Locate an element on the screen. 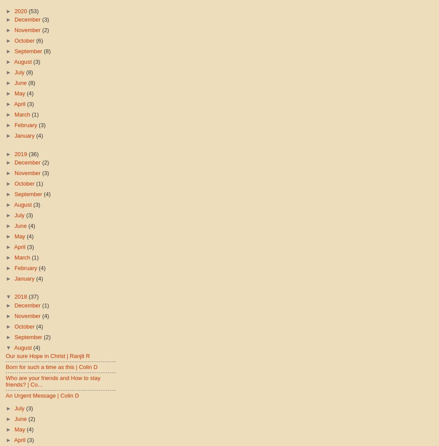  '2019' is located at coordinates (14, 153).